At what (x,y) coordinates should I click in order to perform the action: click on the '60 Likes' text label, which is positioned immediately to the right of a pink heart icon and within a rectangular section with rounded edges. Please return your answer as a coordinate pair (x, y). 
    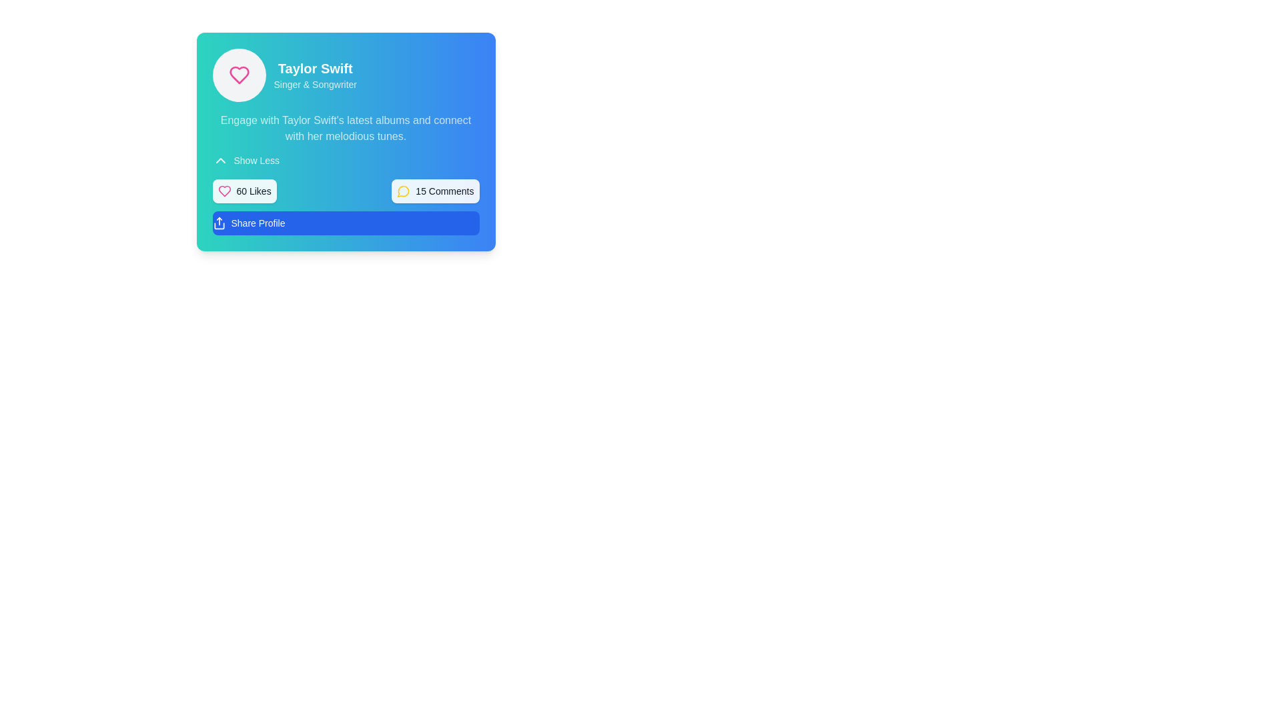
    Looking at the image, I should click on (254, 191).